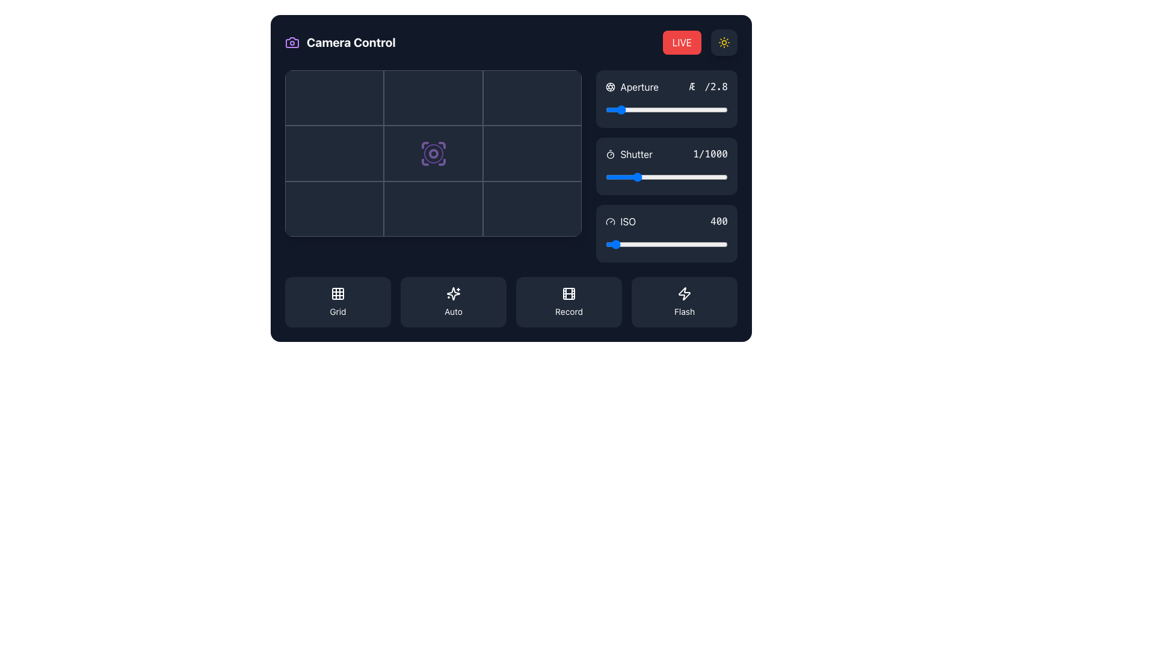 The height and width of the screenshot is (649, 1155). What do you see at coordinates (621, 222) in the screenshot?
I see `the label with icon indicating ISO settings, positioned before the numeric value '400' and the associated slider in the camera control interface` at bounding box center [621, 222].